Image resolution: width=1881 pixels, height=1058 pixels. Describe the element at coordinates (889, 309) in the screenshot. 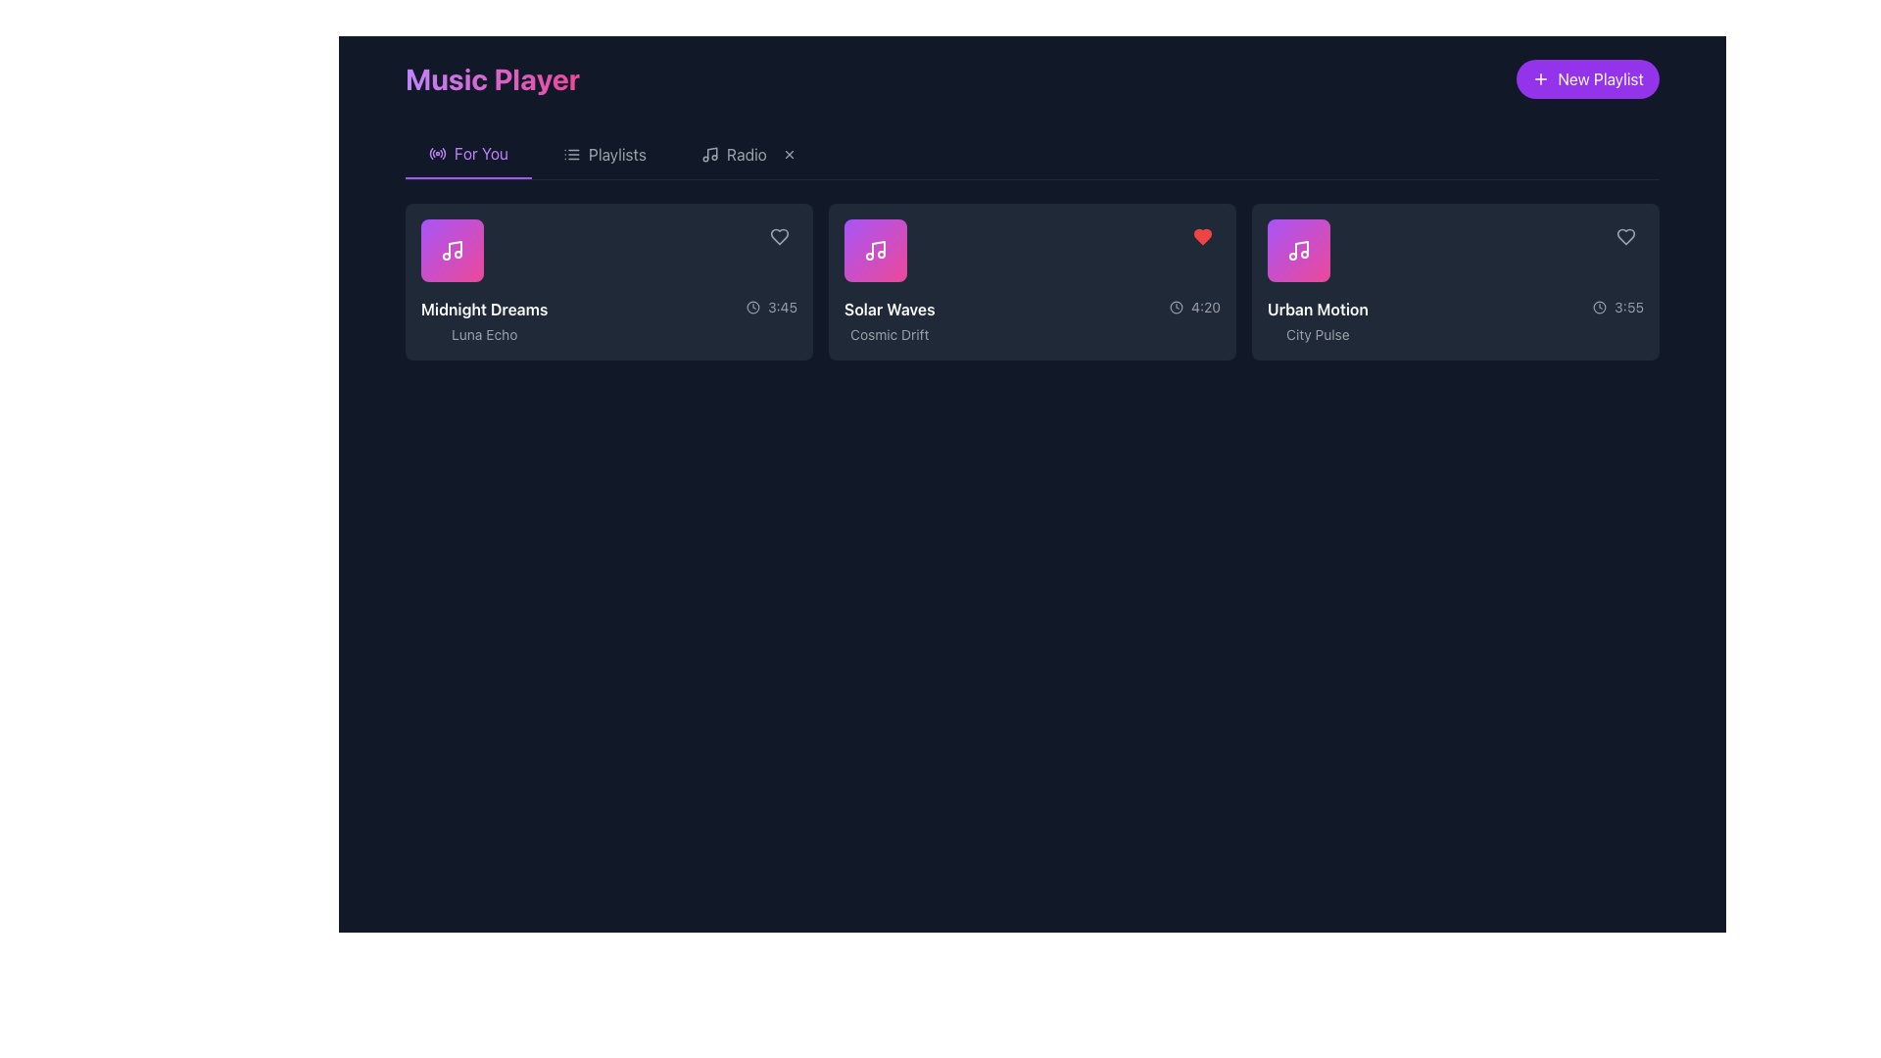

I see `text content of the title label located above the subtitle 'Cosmic Drift' in the second item of a horizontally arranged list of music items` at that location.